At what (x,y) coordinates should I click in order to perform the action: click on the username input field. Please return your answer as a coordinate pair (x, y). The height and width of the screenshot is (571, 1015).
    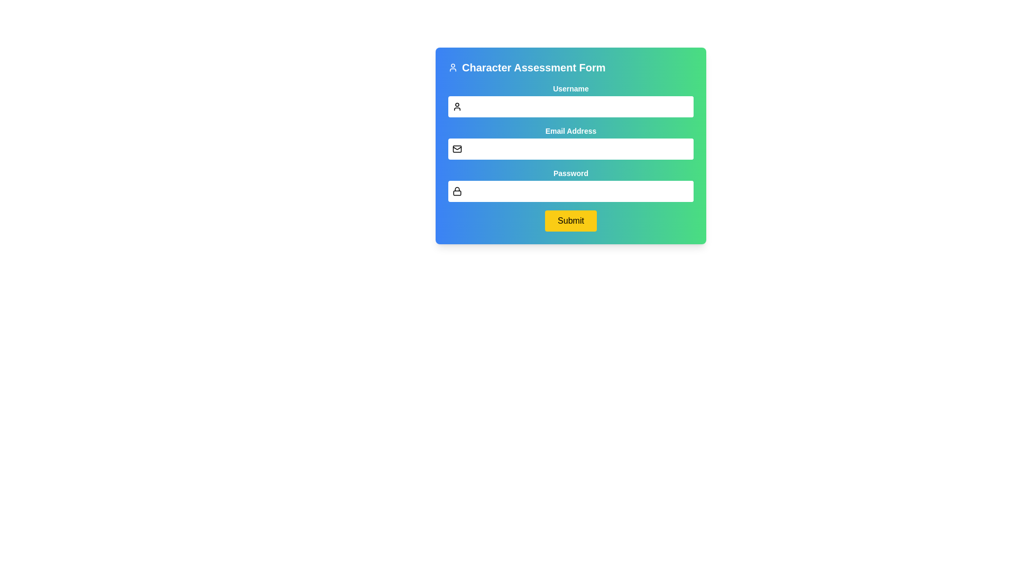
    Looking at the image, I should click on (570, 100).